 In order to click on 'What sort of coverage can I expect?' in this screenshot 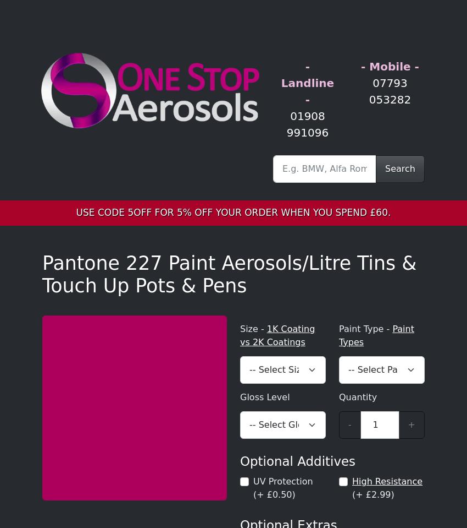, I will do `click(133, 325)`.